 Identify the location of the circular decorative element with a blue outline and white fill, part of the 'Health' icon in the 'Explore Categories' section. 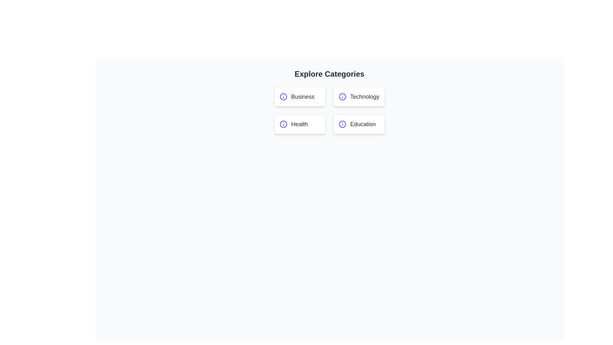
(283, 124).